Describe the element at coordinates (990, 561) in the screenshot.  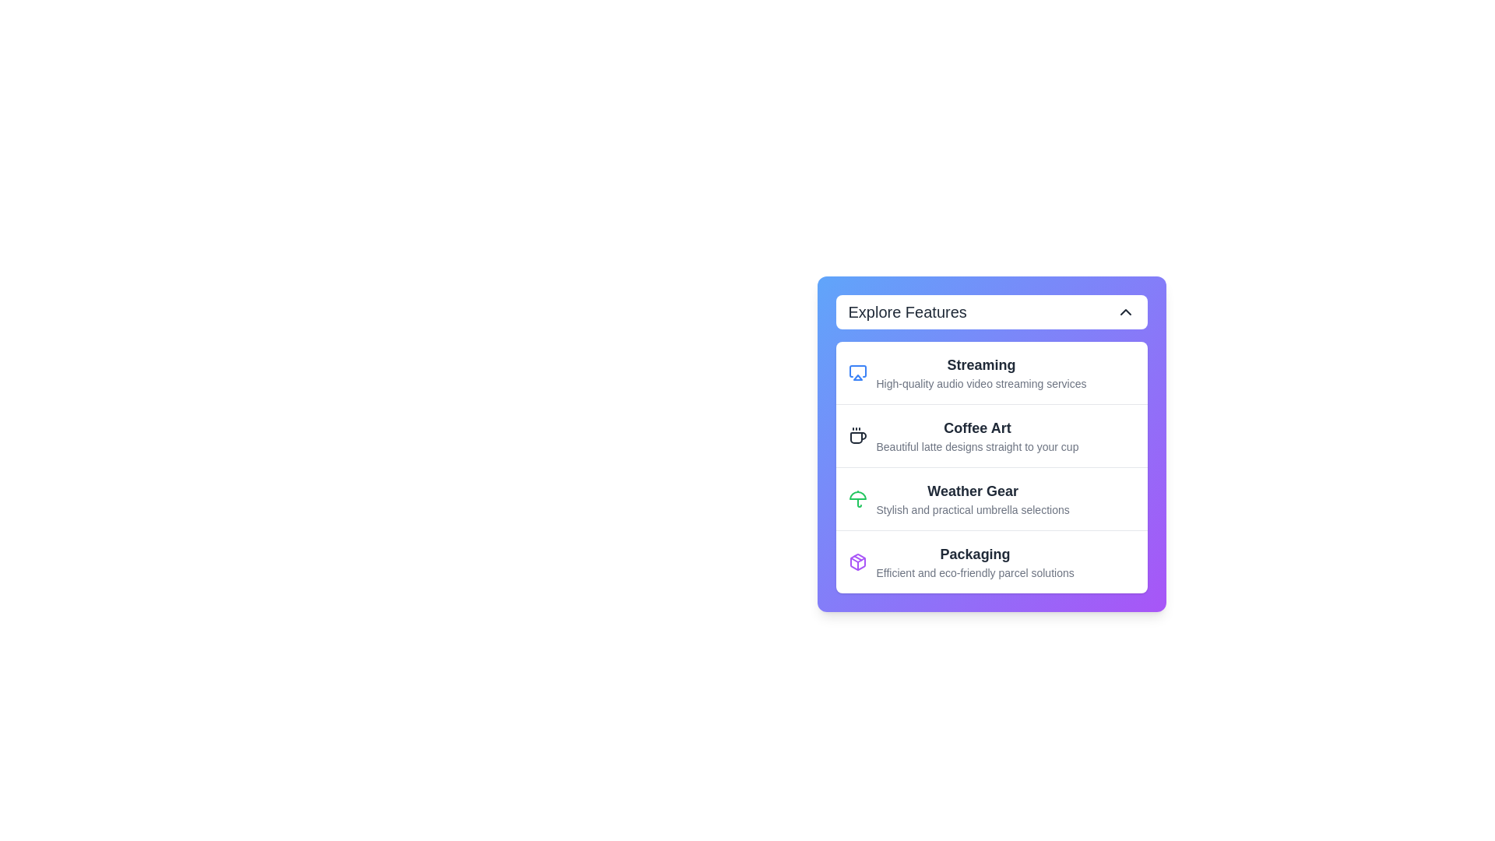
I see `the fourth list item at the bottom of the vertical list related to packaging services` at that location.